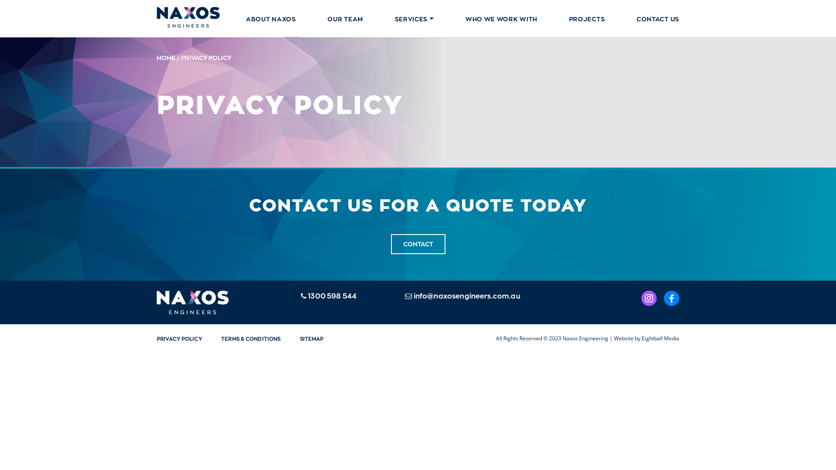  I want to click on 'SERVICES', so click(414, 19).